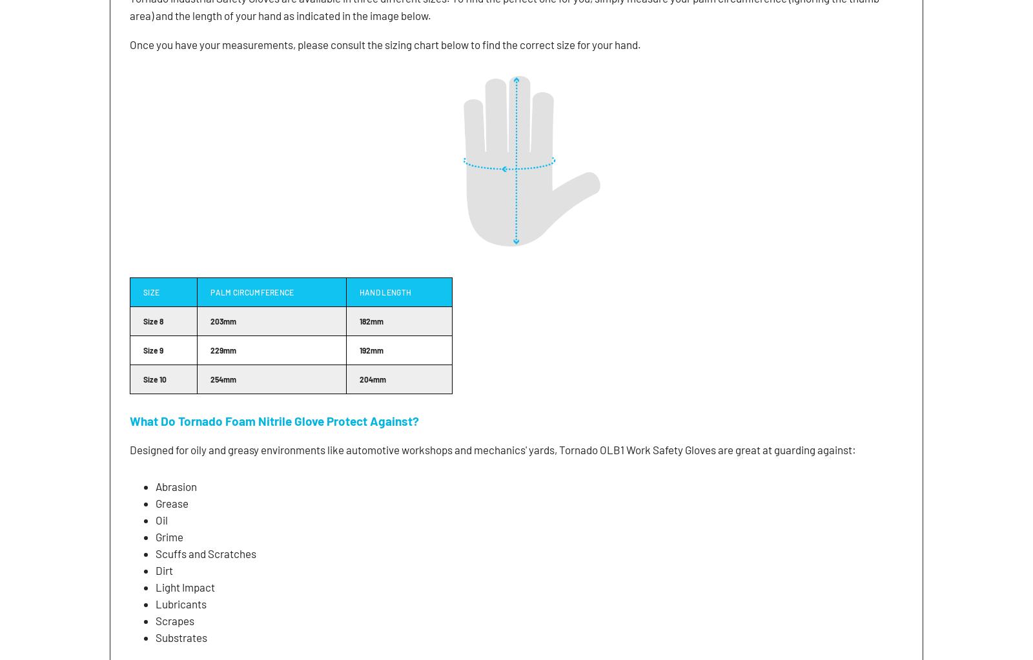 This screenshot has height=660, width=1033. I want to click on 'Size 8', so click(143, 320).